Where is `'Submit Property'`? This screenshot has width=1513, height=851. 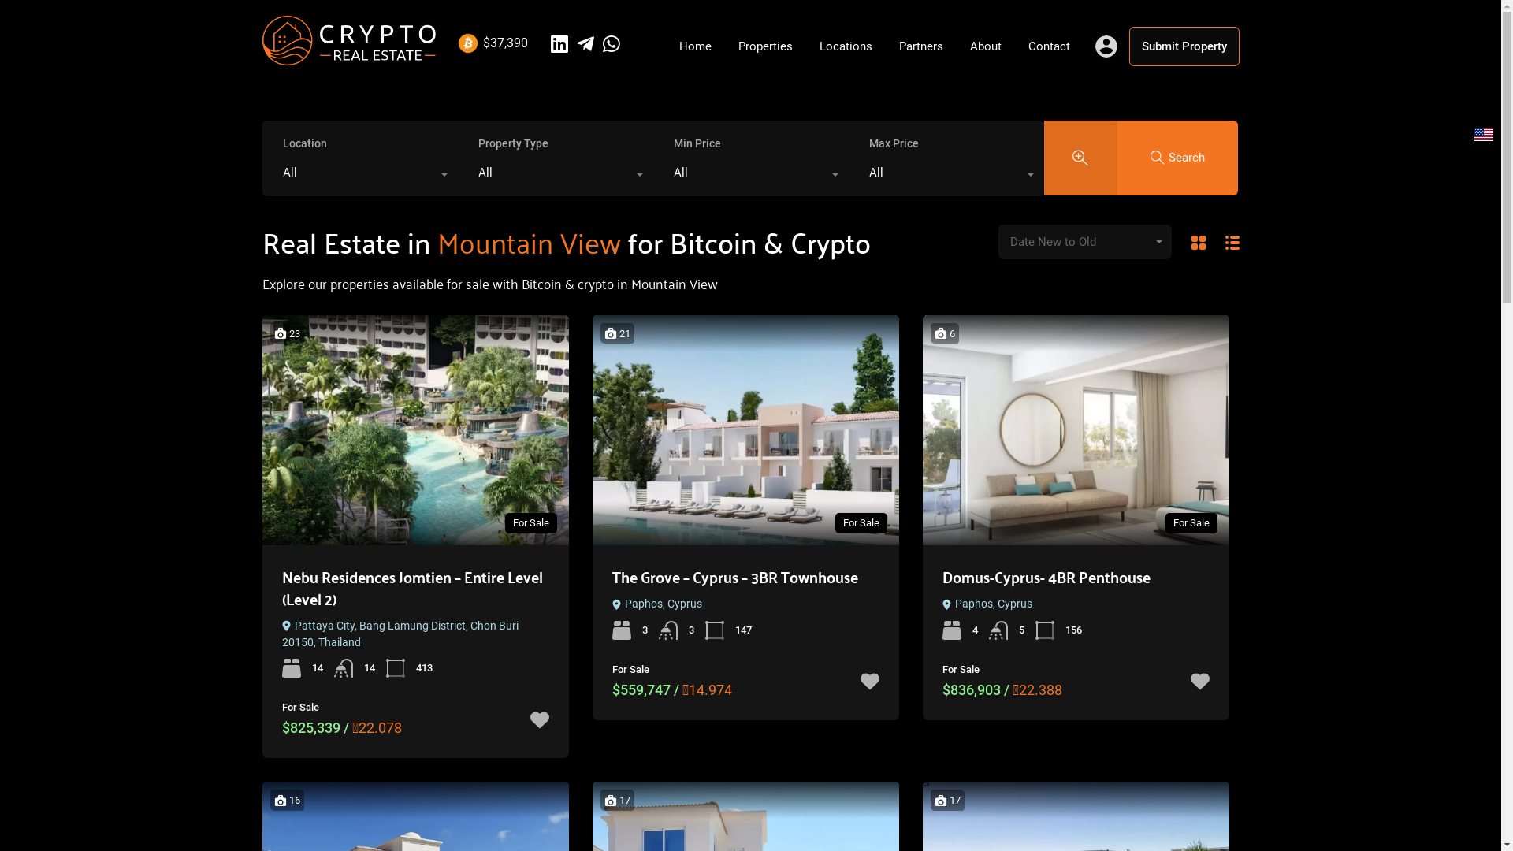
'Submit Property' is located at coordinates (1184, 45).